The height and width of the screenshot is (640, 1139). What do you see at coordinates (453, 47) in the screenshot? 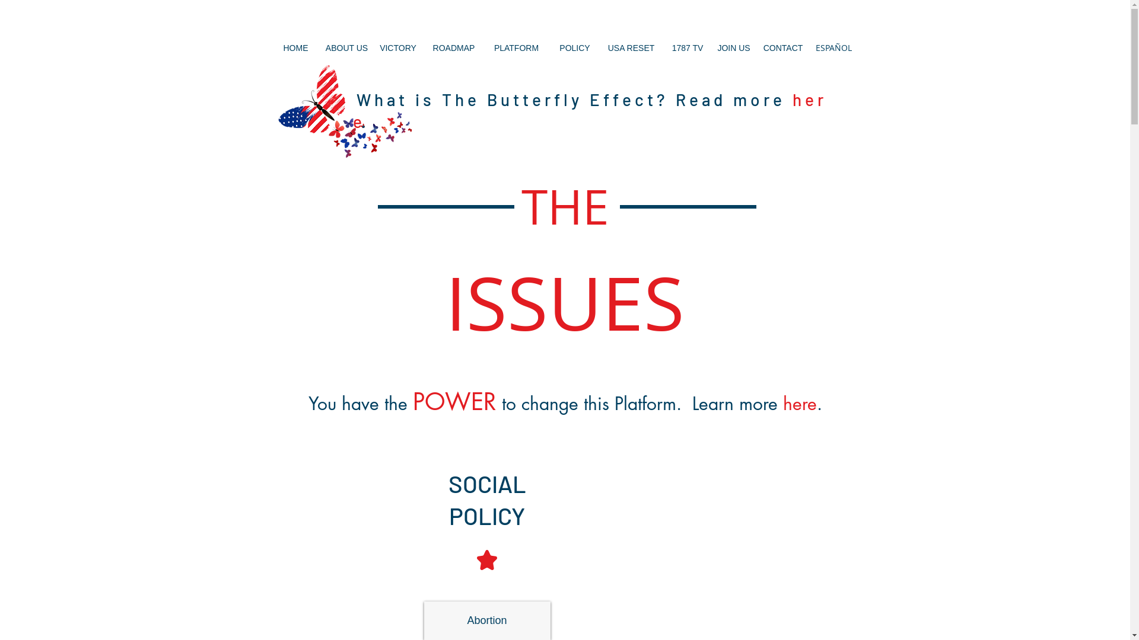
I see `'ROADMAP'` at bounding box center [453, 47].